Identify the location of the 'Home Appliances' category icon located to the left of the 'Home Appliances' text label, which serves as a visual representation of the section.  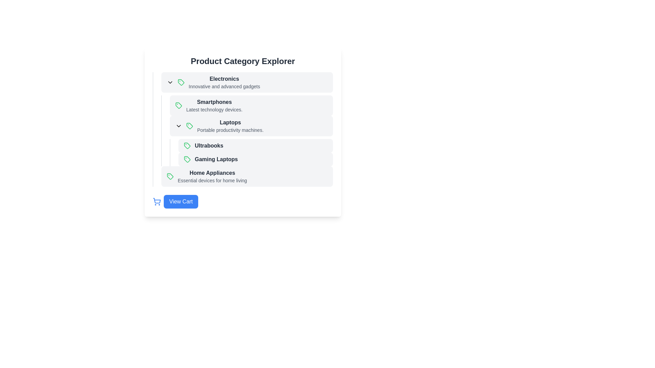
(170, 176).